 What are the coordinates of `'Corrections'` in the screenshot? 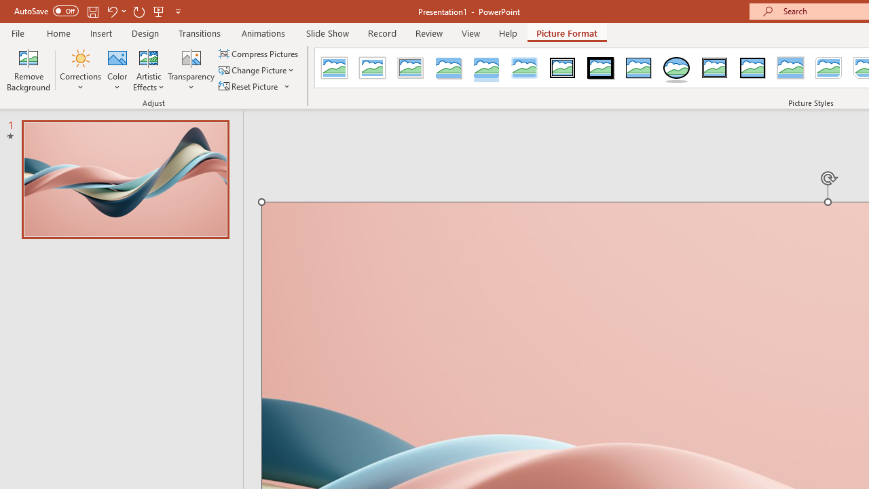 It's located at (80, 70).